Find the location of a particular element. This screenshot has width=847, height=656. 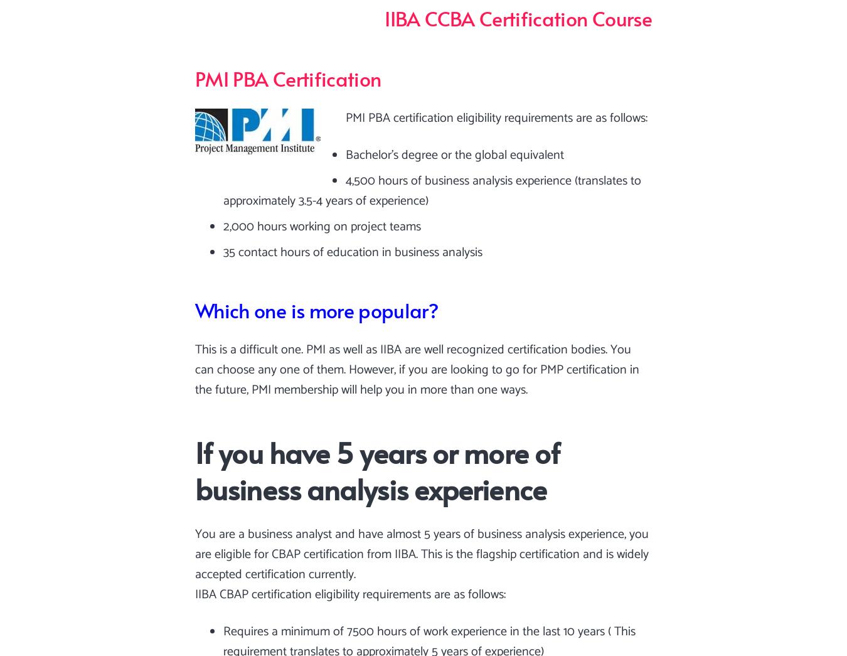

'If you have 5 years or more of business analysis experience' is located at coordinates (377, 469).